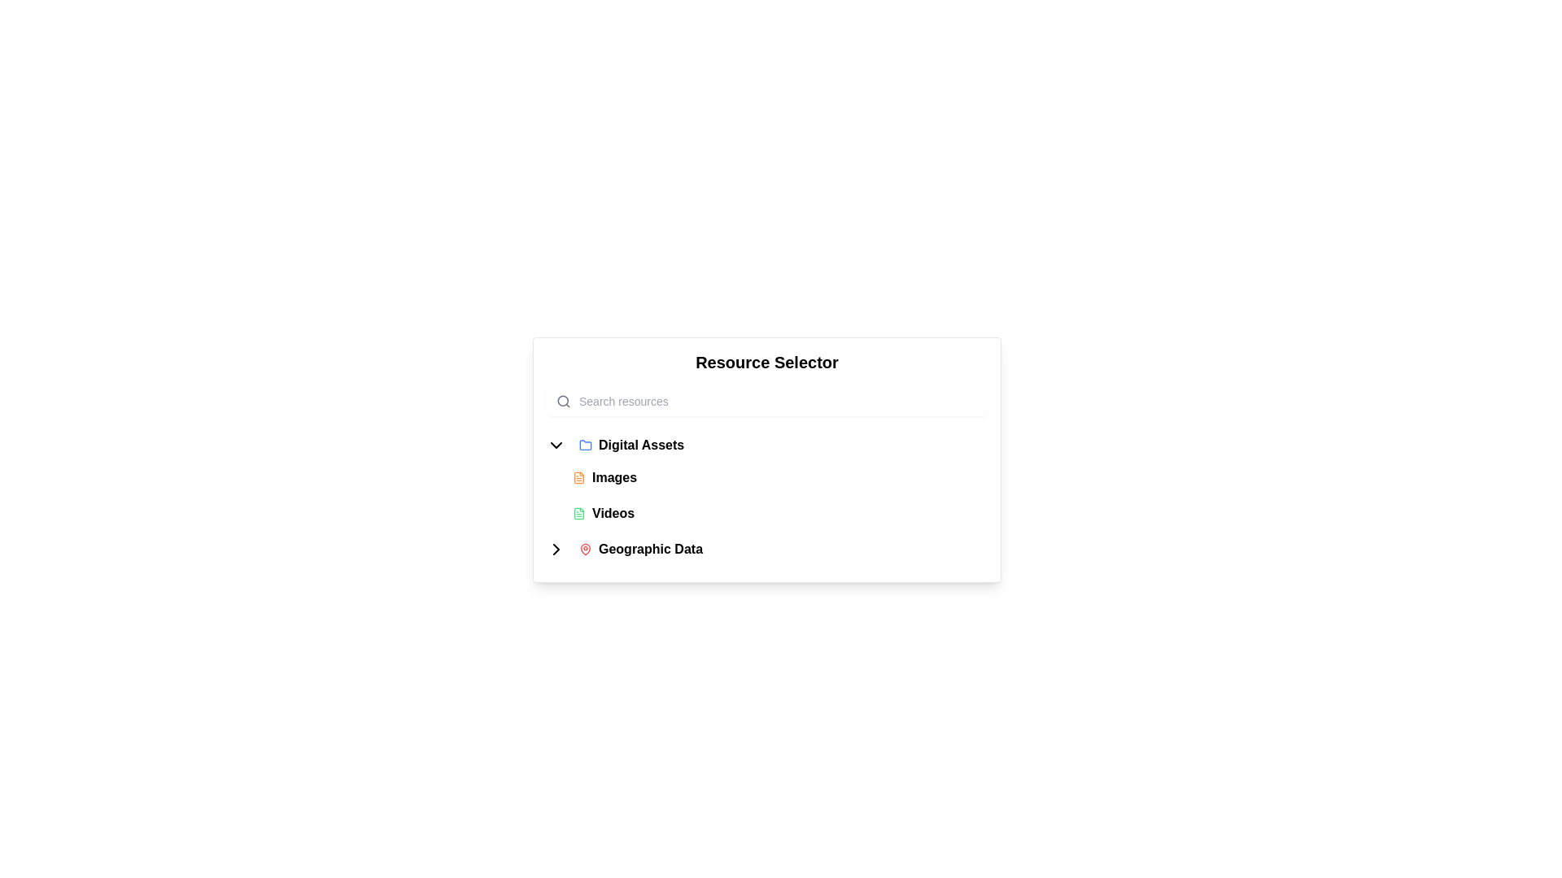 Image resolution: width=1562 pixels, height=878 pixels. I want to click on the orange document icon, so click(578, 476).